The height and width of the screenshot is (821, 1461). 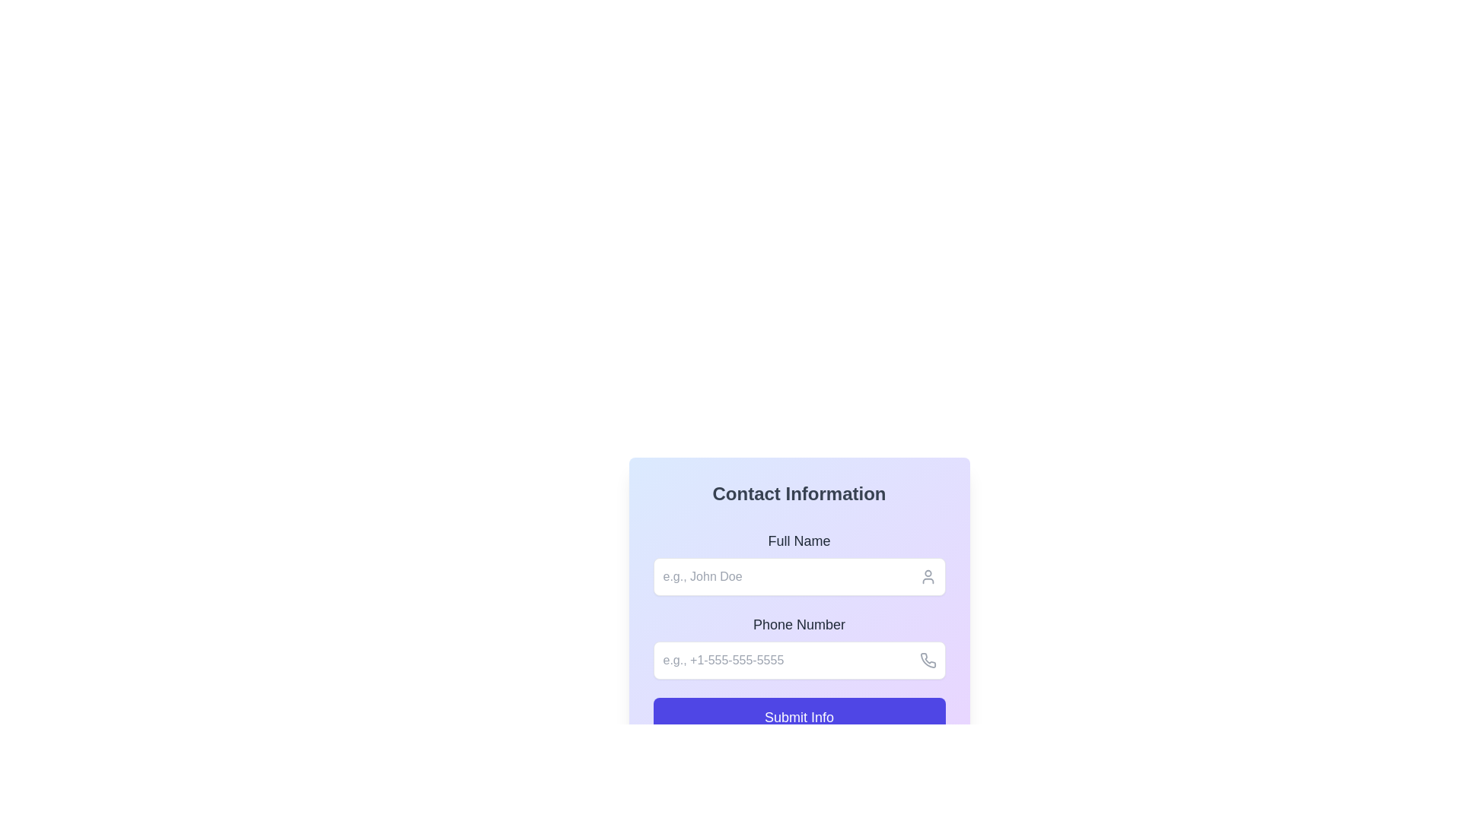 What do you see at coordinates (798, 494) in the screenshot?
I see `the 'Contact Information' text label, which is styled in bold, large font and displayed at the top-center of the contact information section` at bounding box center [798, 494].